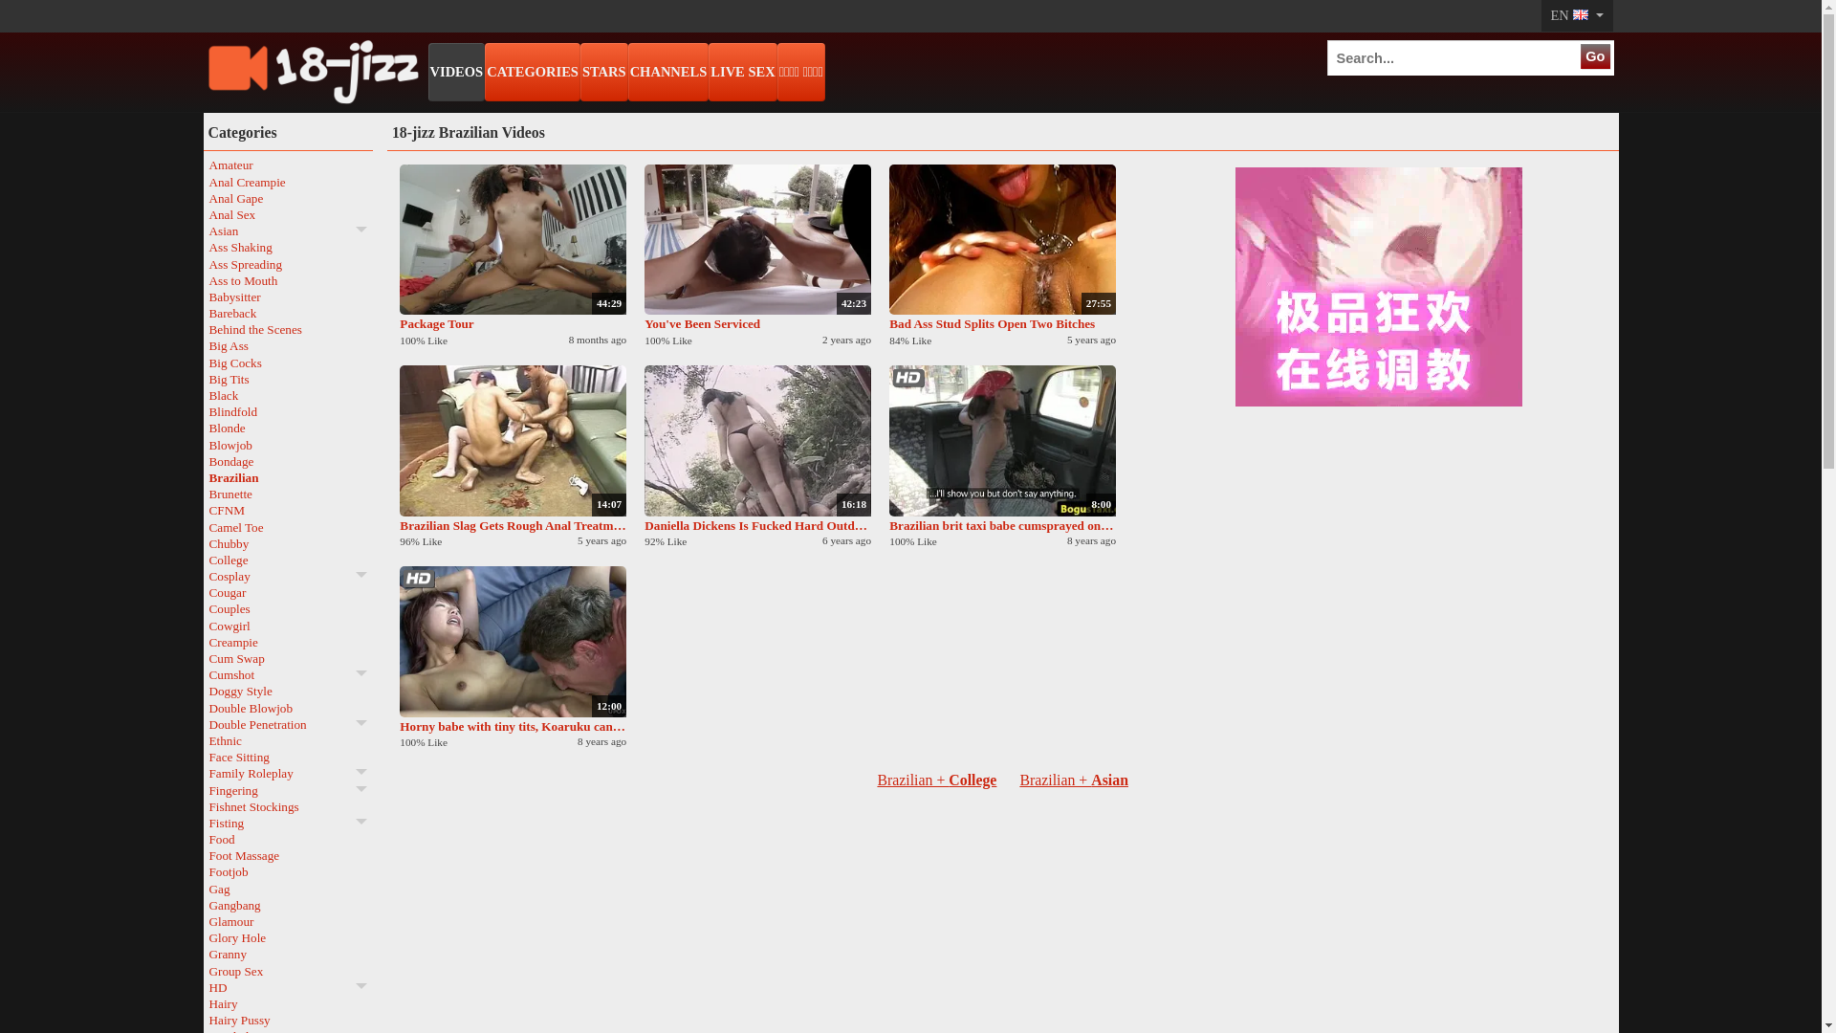 This screenshot has width=1836, height=1033. Describe the element at coordinates (287, 312) in the screenshot. I see `'Bareback'` at that location.